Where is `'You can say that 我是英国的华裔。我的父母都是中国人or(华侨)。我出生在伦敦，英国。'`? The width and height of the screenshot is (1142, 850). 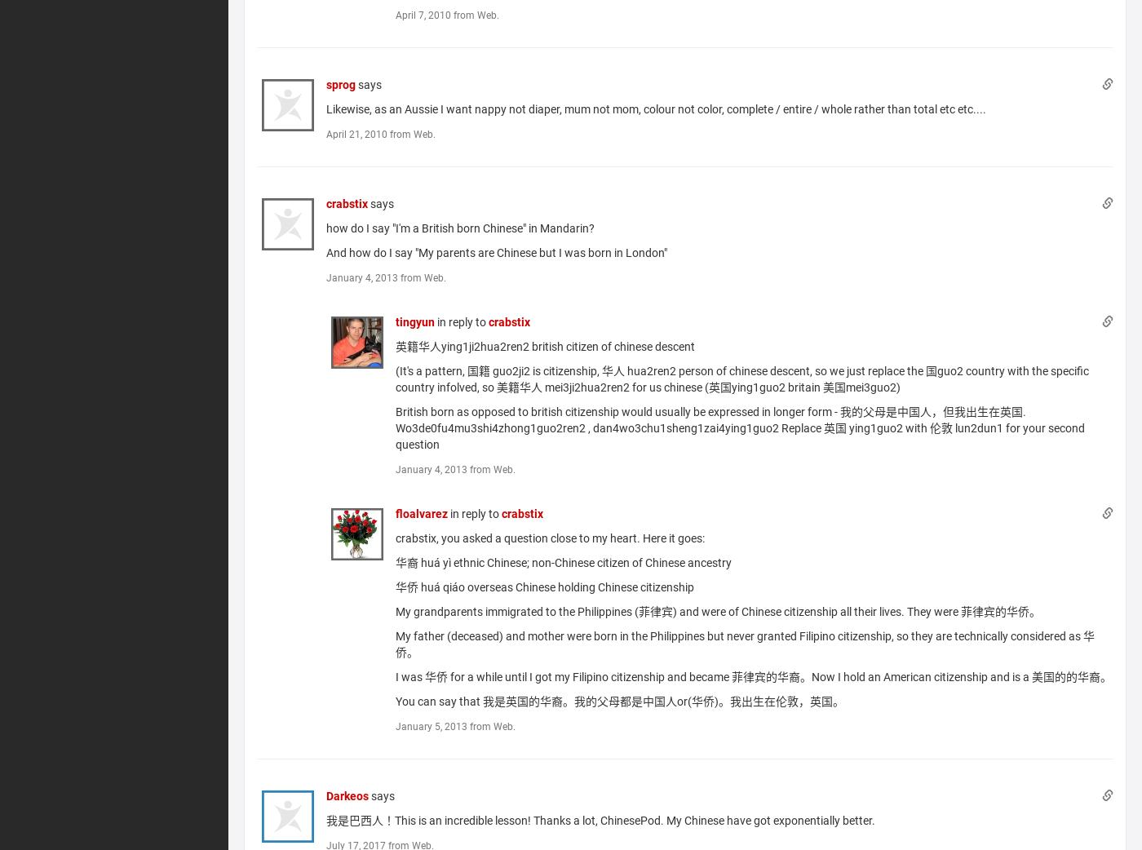
'You can say that 我是英国的华裔。我的父母都是中国人or(华侨)。我出生在伦敦，英国。' is located at coordinates (619, 701).